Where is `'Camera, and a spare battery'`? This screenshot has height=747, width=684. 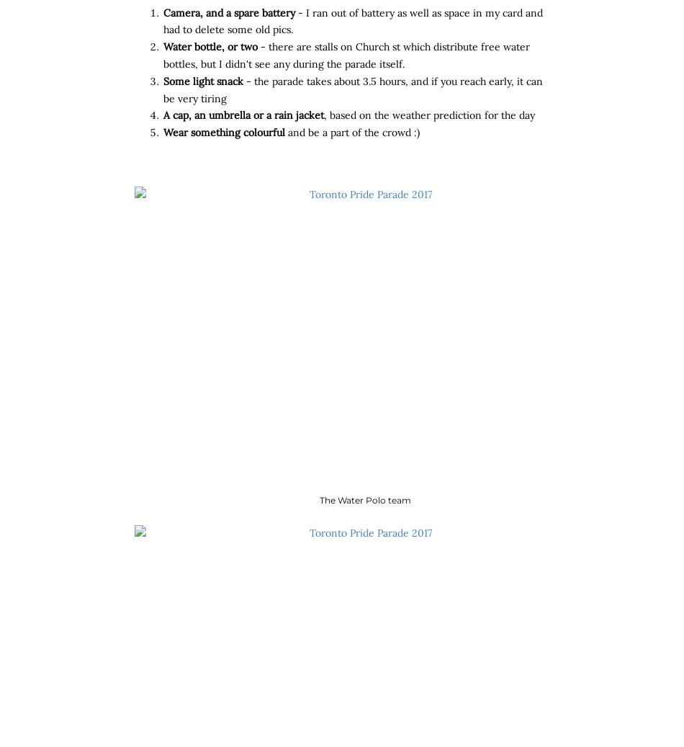 'Camera, and a spare battery' is located at coordinates (228, 12).